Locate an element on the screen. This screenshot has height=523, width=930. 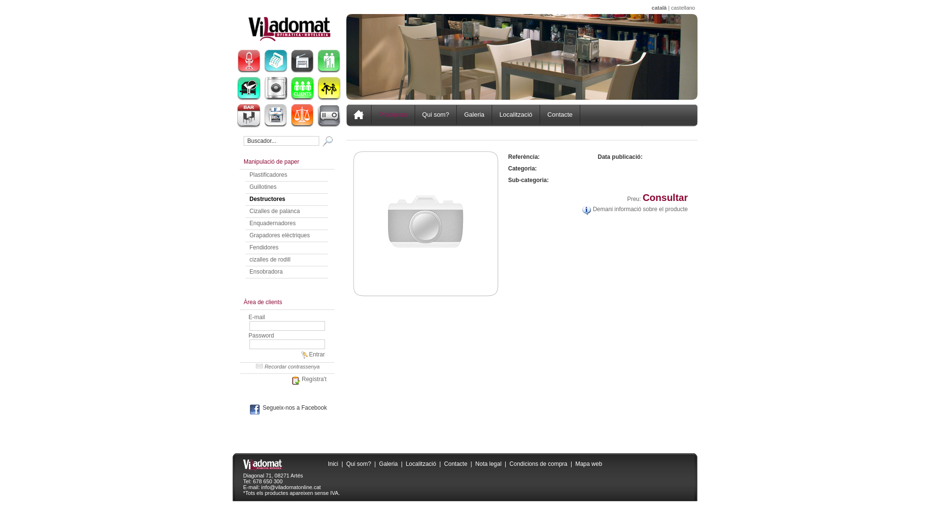
'Cizalles de palanca' is located at coordinates (274, 210).